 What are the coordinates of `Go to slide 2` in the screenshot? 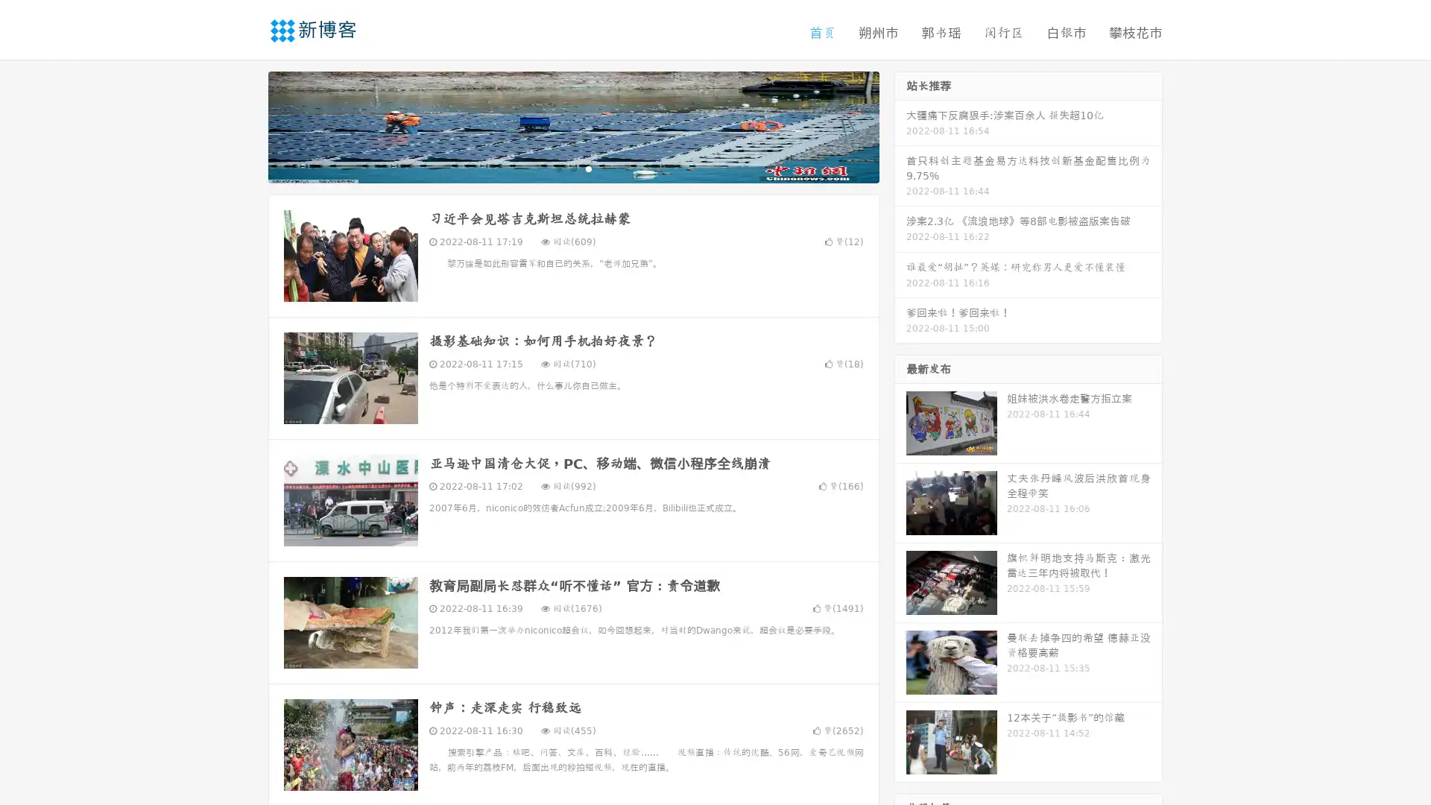 It's located at (572, 168).